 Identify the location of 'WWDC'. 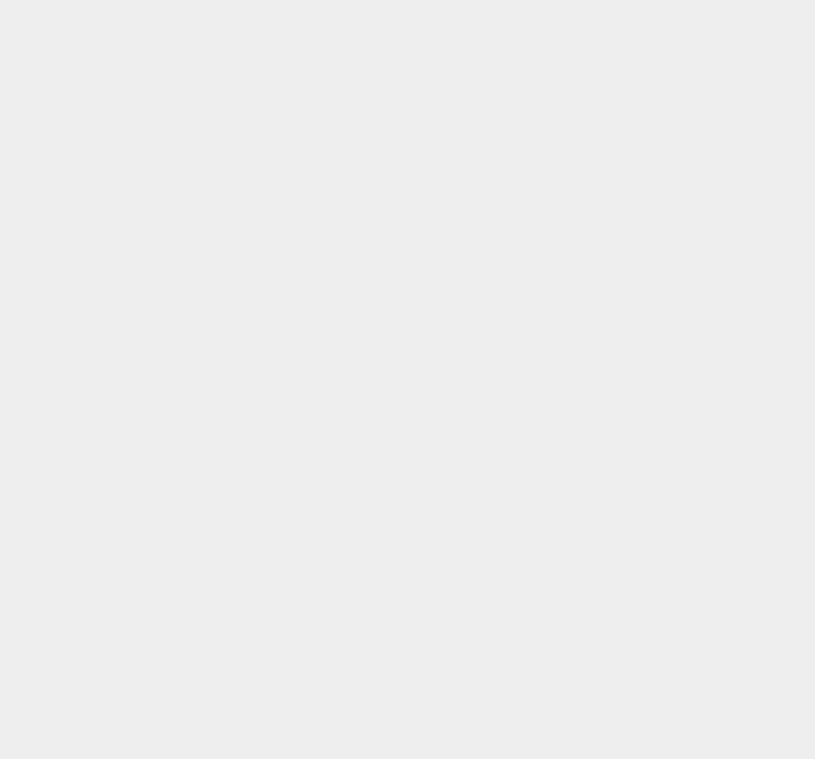
(590, 451).